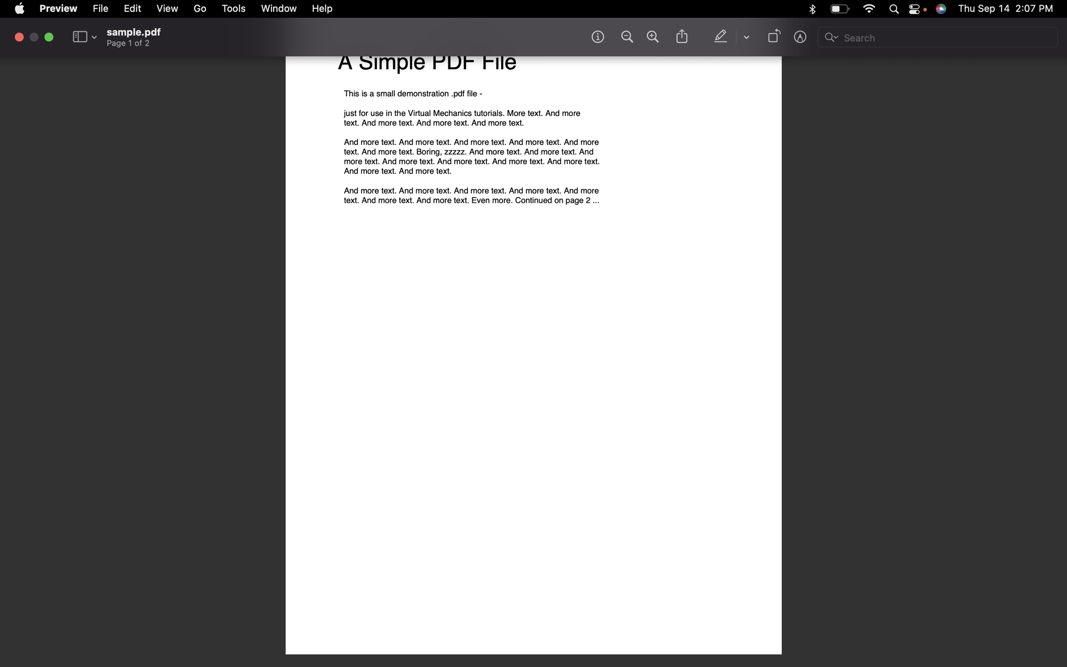 The height and width of the screenshot is (667, 1067). Describe the element at coordinates (652, 37) in the screenshot. I see `Make the details of the document larger for viewing` at that location.